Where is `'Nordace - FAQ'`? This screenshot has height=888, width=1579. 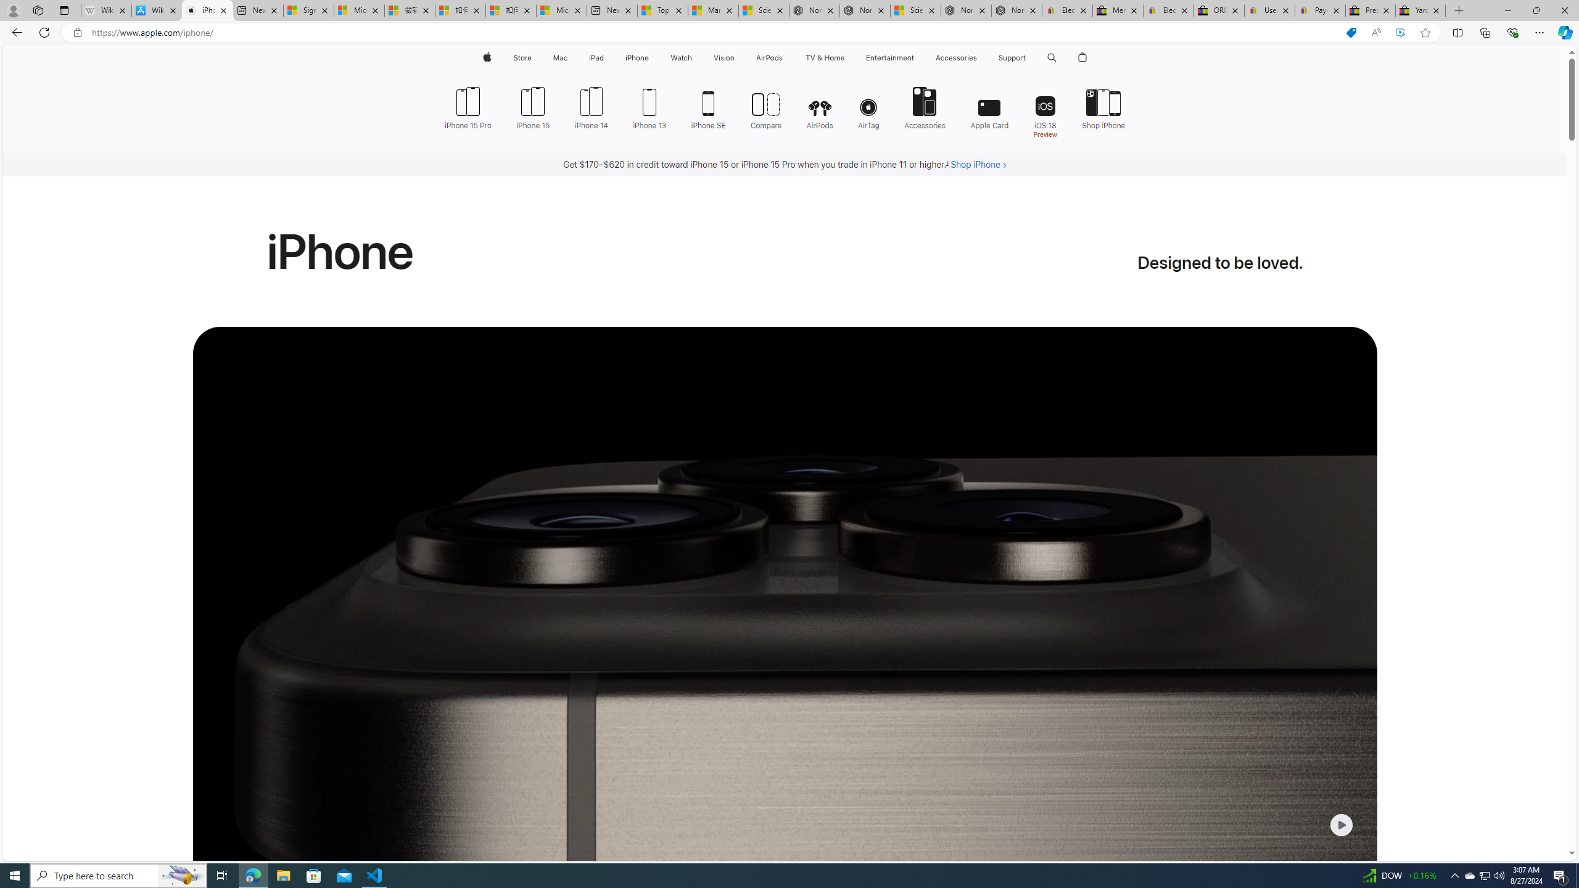 'Nordace - FAQ' is located at coordinates (1016, 10).